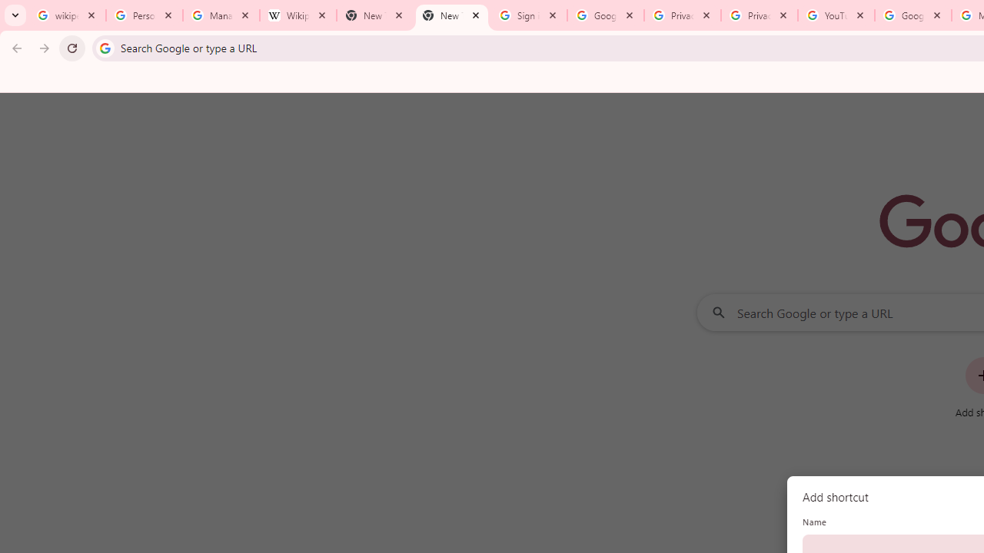 This screenshot has width=984, height=553. What do you see at coordinates (605, 15) in the screenshot?
I see `'Google Drive: Sign-in'` at bounding box center [605, 15].